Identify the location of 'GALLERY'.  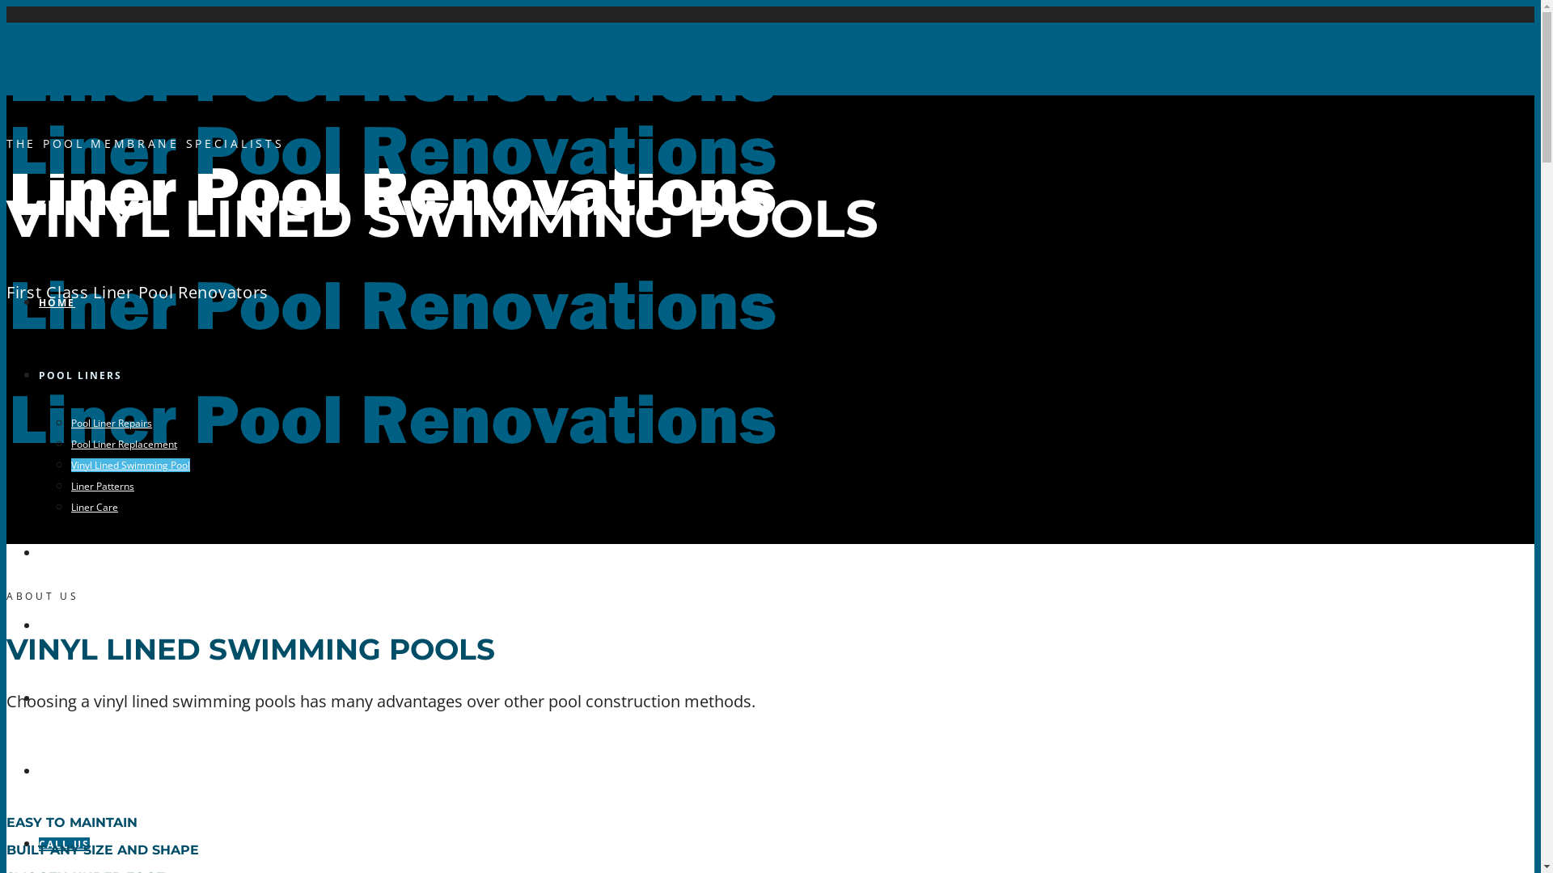
(65, 552).